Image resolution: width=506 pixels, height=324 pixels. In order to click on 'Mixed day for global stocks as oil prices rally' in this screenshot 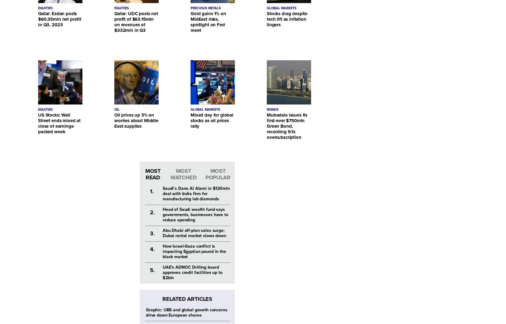, I will do `click(212, 120)`.